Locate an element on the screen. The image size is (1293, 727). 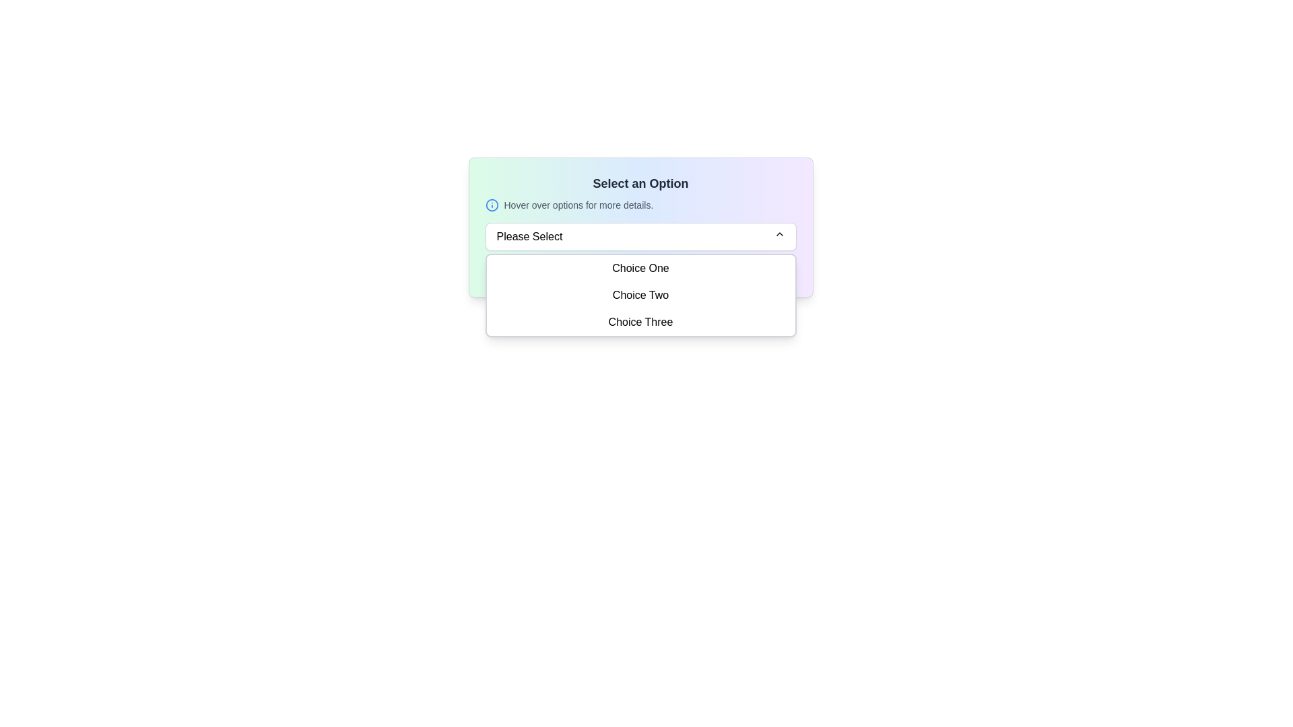
the upward-pointing chevron icon located on the right edge of the 'Please Select' dropdown button is located at coordinates (779, 233).